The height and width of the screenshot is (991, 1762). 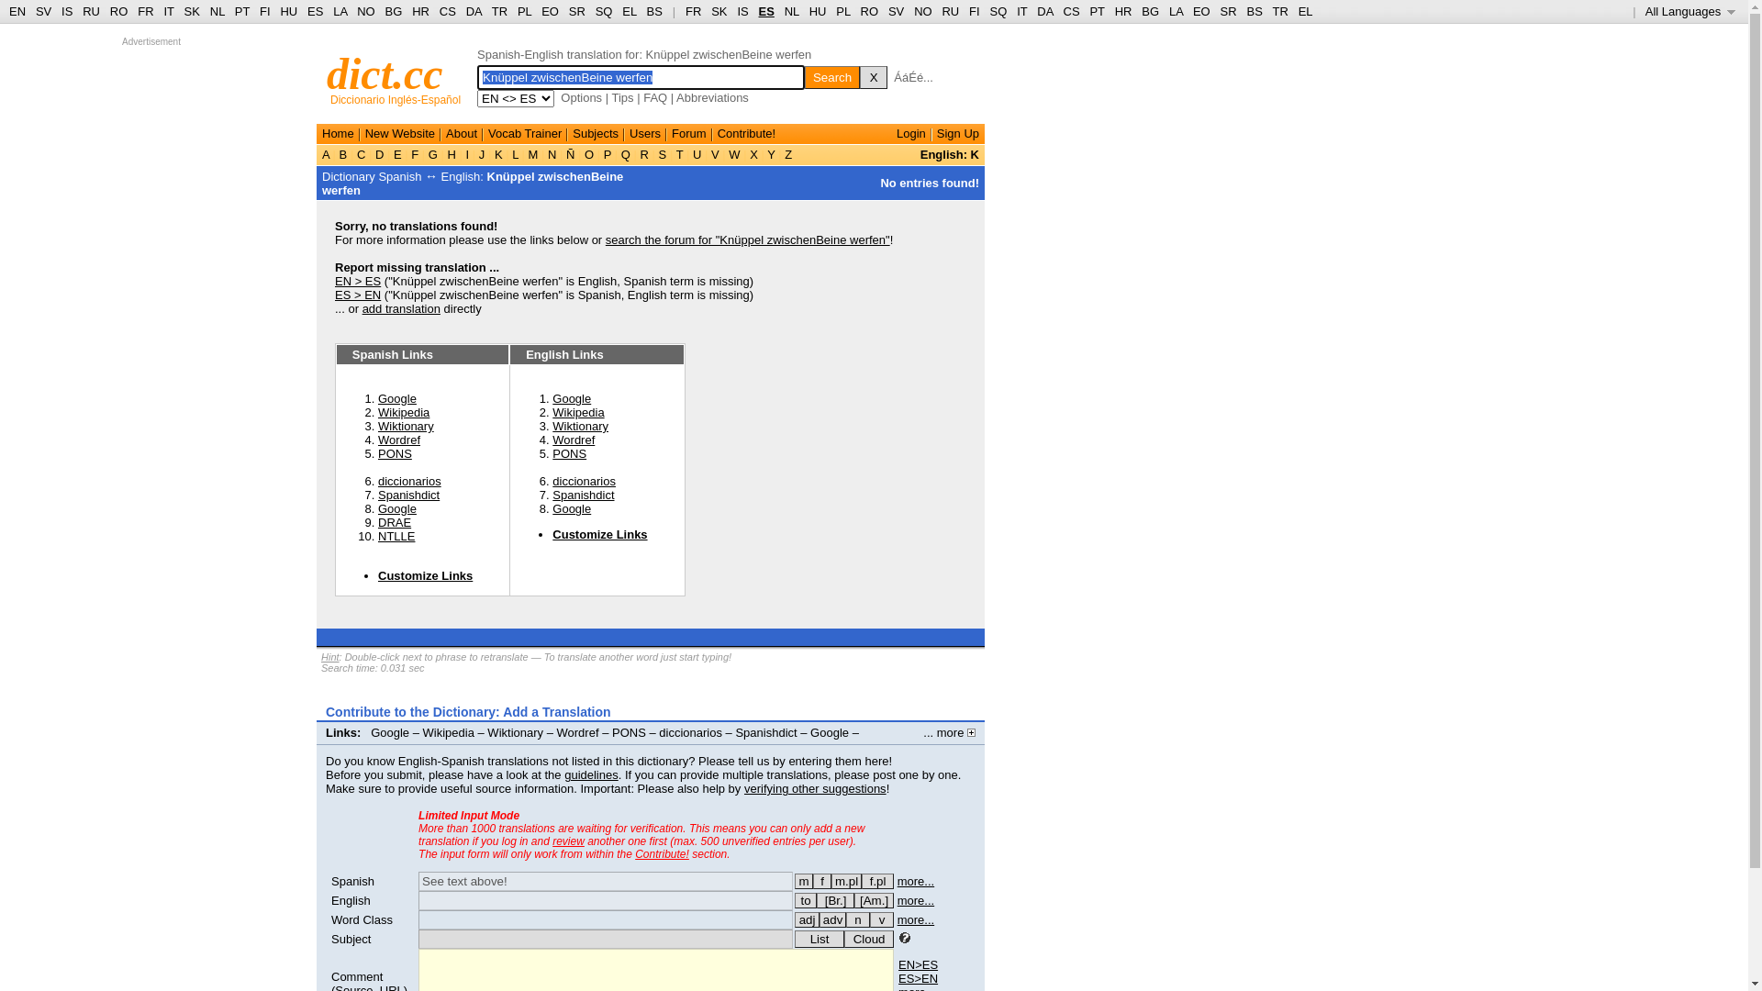 What do you see at coordinates (806, 899) in the screenshot?
I see `'to'` at bounding box center [806, 899].